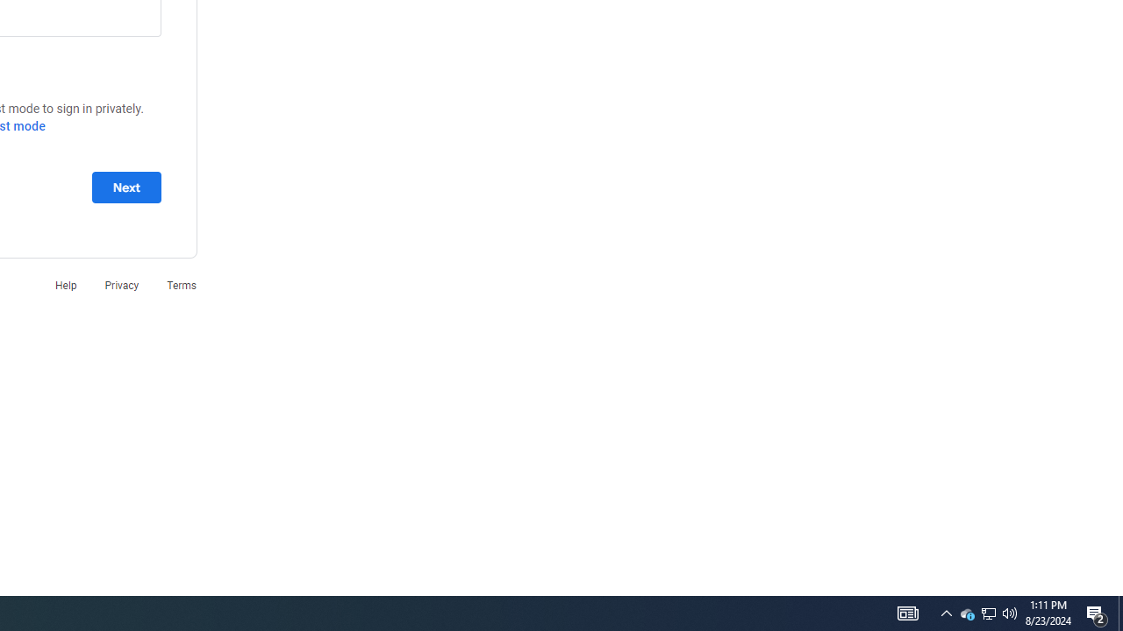 The width and height of the screenshot is (1123, 631). What do you see at coordinates (1097, 612) in the screenshot?
I see `'Action Center, 2 new notifications'` at bounding box center [1097, 612].